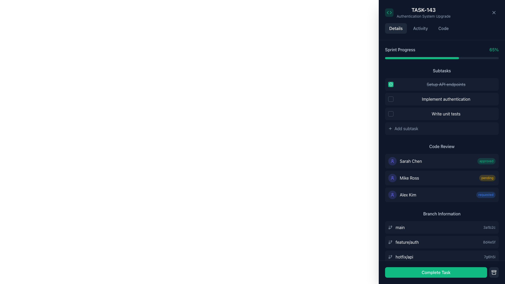  I want to click on the 'Activity' button located in the header section of the panel, so click(420, 28).